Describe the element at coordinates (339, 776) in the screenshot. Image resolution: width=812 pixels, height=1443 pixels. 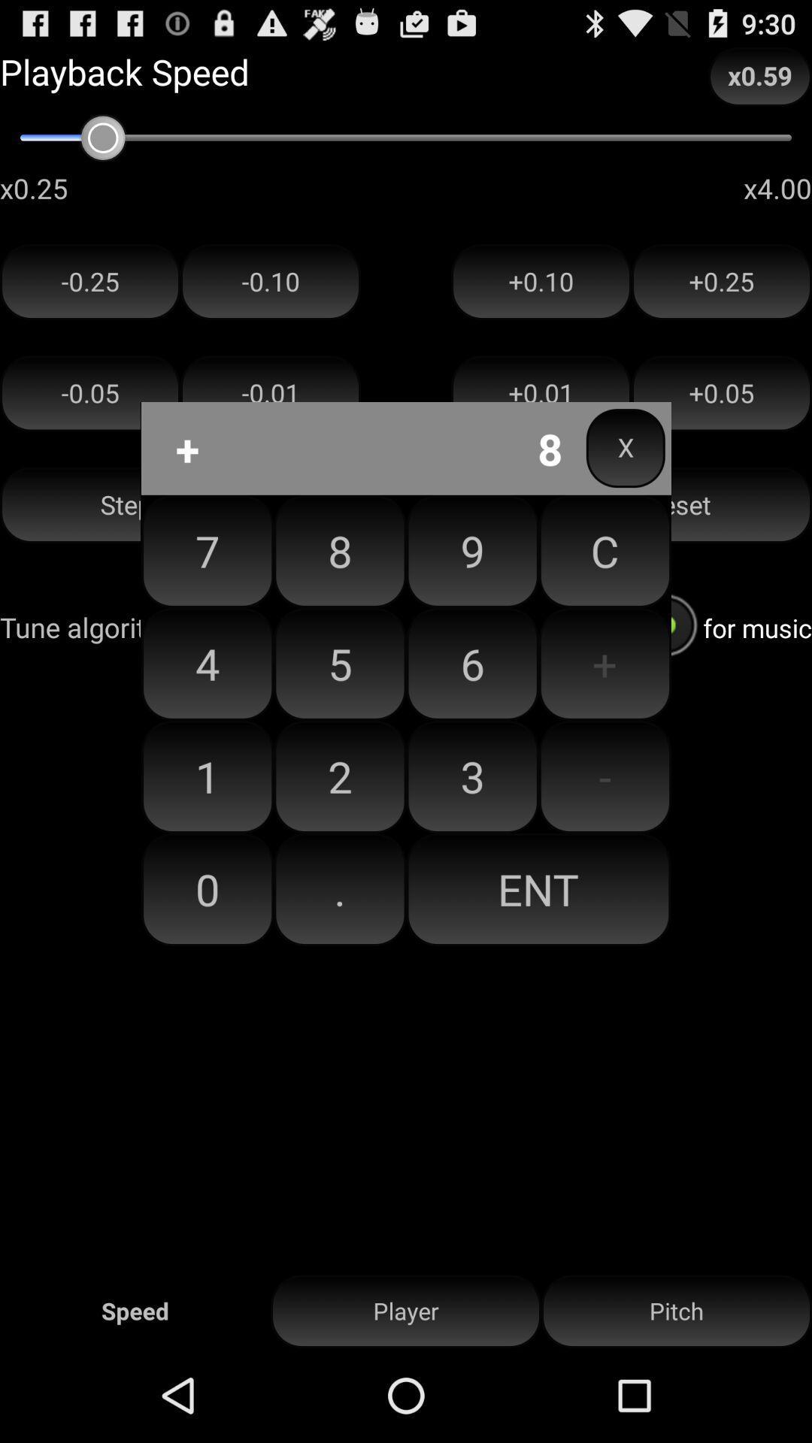
I see `the icon above the 0 icon` at that location.